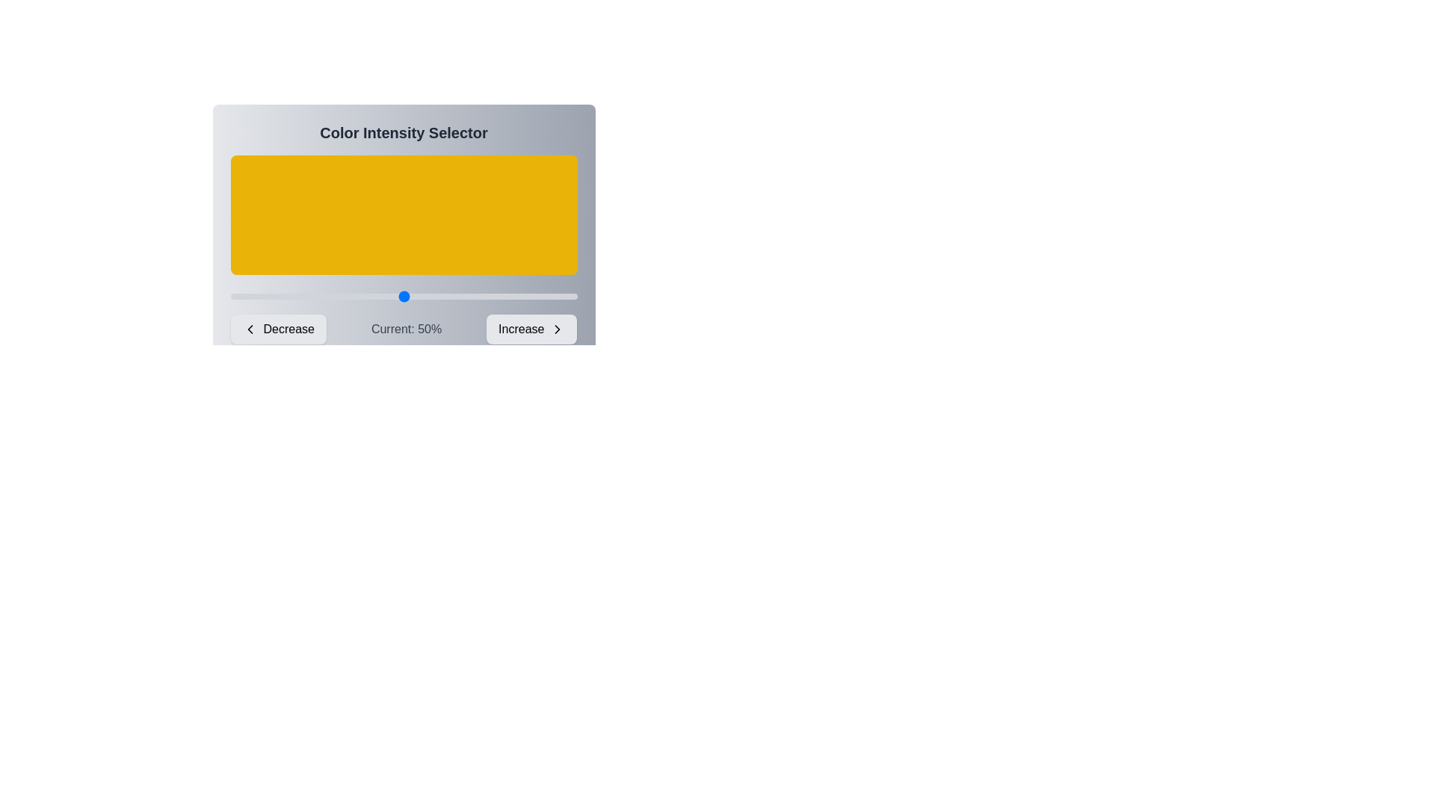  What do you see at coordinates (250, 328) in the screenshot?
I see `the chevron-shaped arrow icon pointing left, which is styled as a backward navigation icon located in the bottom-left section of the interface, near the 'Decrease' button` at bounding box center [250, 328].